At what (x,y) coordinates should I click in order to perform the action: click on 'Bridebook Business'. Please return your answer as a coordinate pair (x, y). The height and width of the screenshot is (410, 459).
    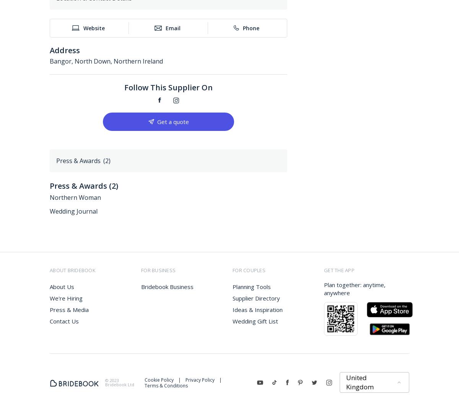
    Looking at the image, I should click on (167, 286).